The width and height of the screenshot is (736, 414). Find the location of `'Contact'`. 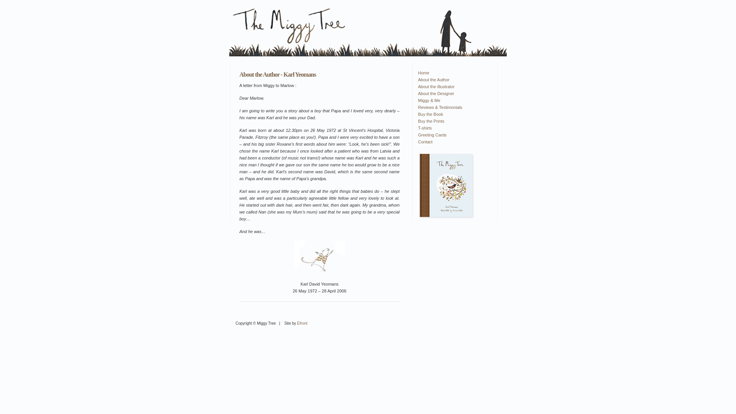

'Contact' is located at coordinates (417, 142).